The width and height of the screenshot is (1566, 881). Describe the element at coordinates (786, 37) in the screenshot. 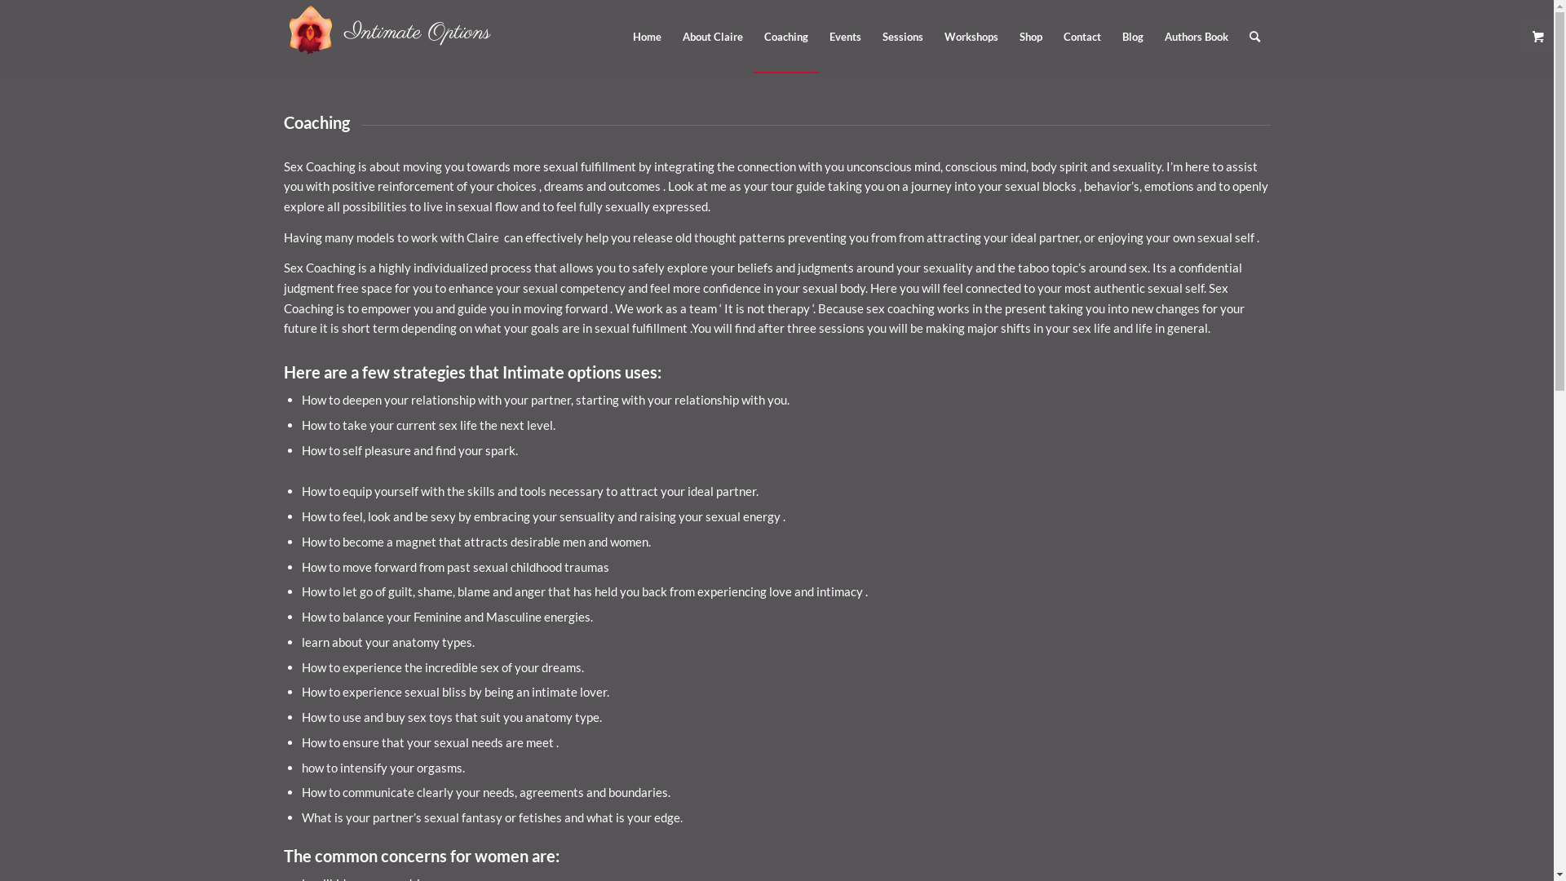

I see `'Coaching'` at that location.